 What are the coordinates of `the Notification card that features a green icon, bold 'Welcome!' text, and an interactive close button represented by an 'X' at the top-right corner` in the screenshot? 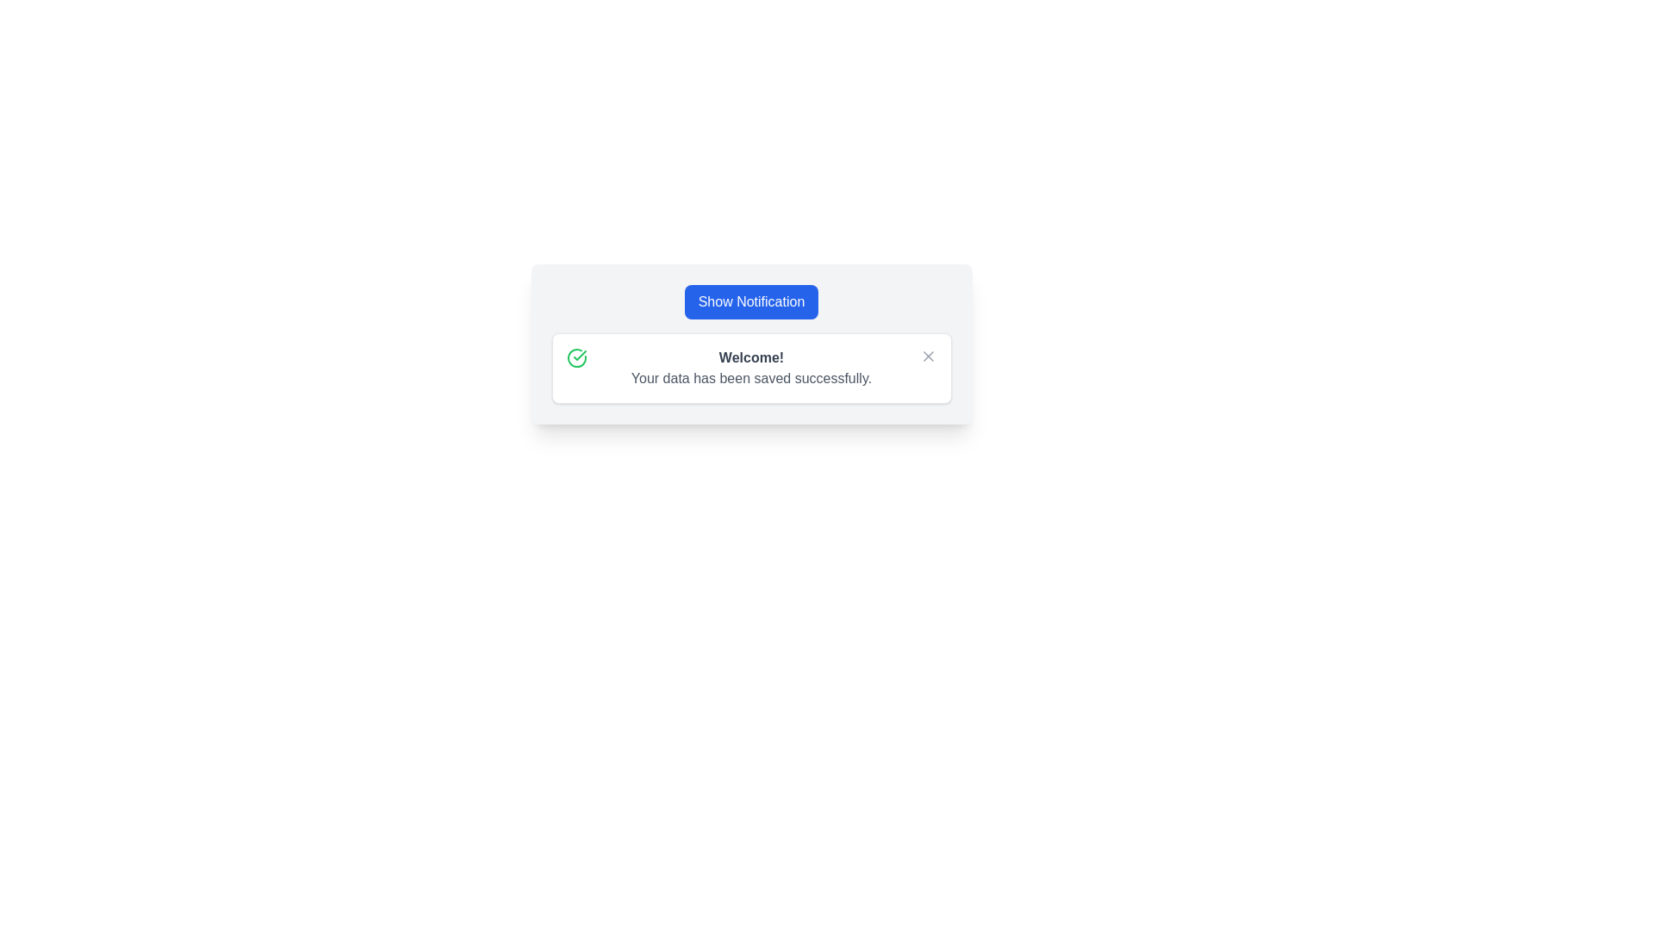 It's located at (751, 368).